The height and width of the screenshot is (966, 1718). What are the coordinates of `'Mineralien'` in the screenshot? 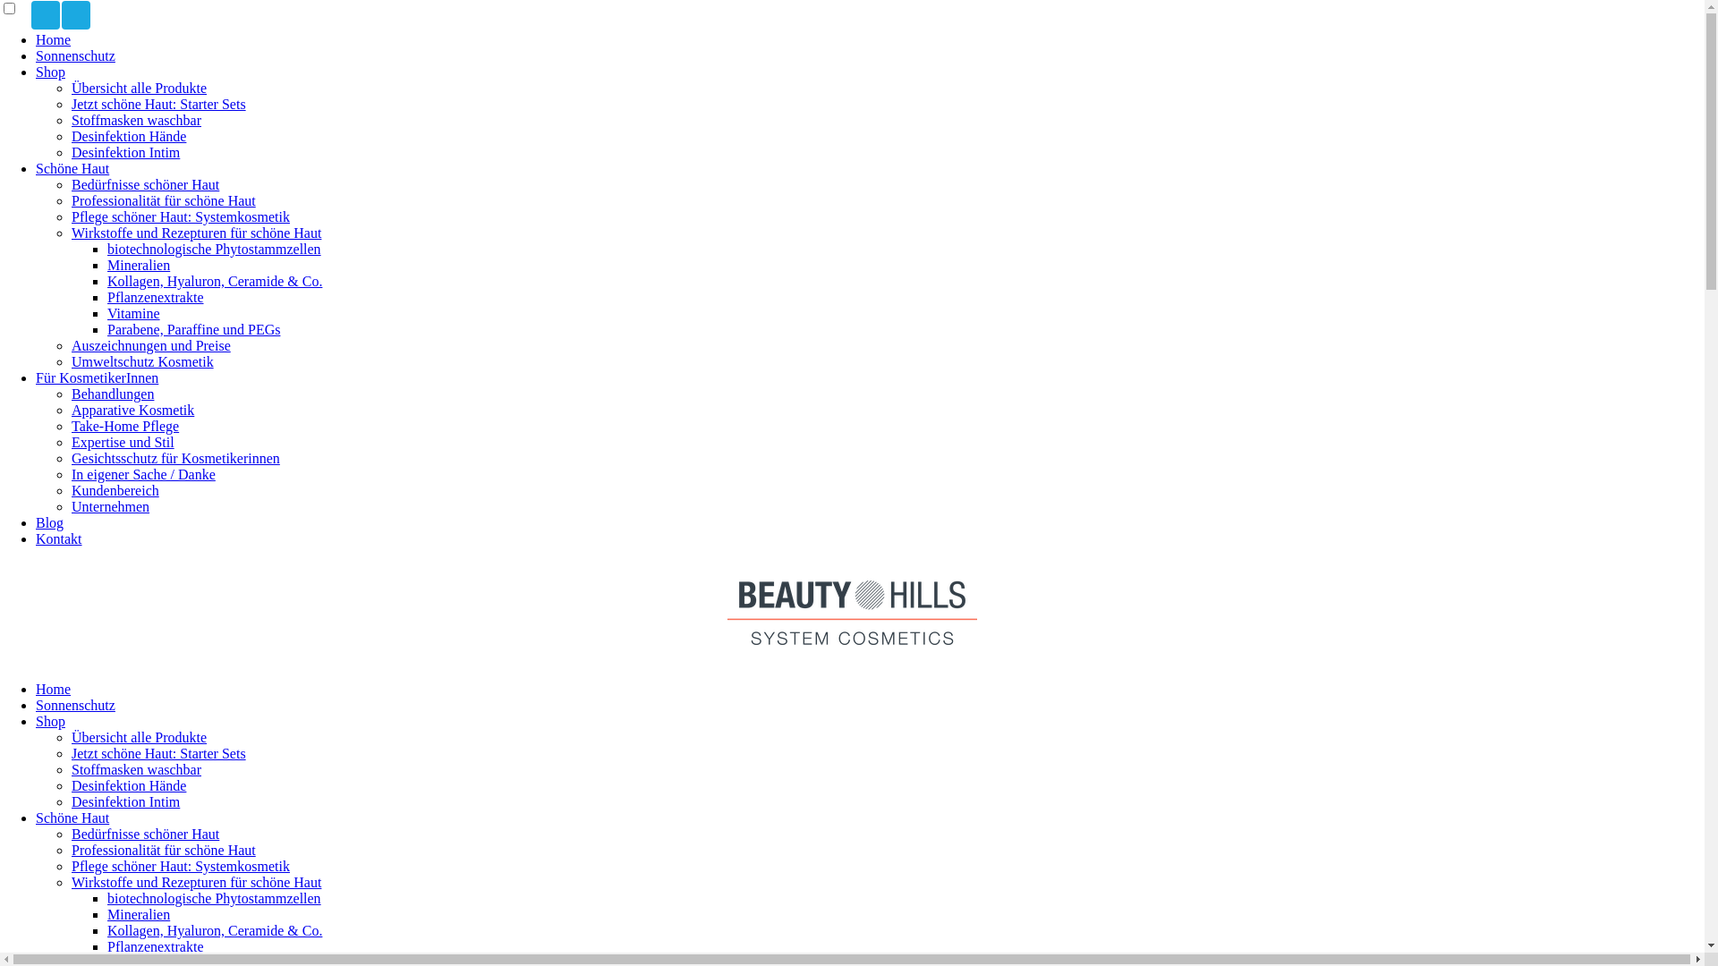 It's located at (137, 265).